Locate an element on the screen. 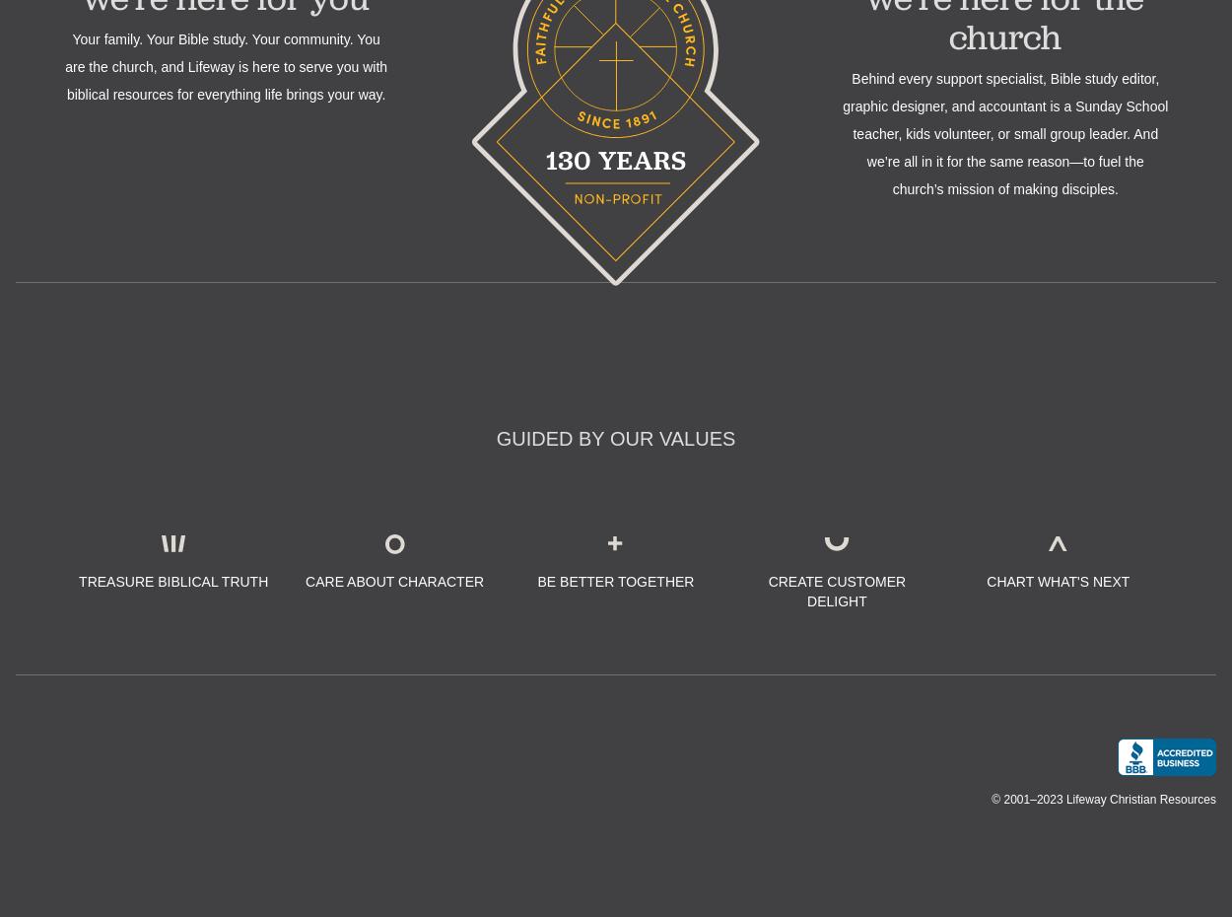 The width and height of the screenshot is (1232, 917). 'BE BETTER TOGETHER' is located at coordinates (614, 580).